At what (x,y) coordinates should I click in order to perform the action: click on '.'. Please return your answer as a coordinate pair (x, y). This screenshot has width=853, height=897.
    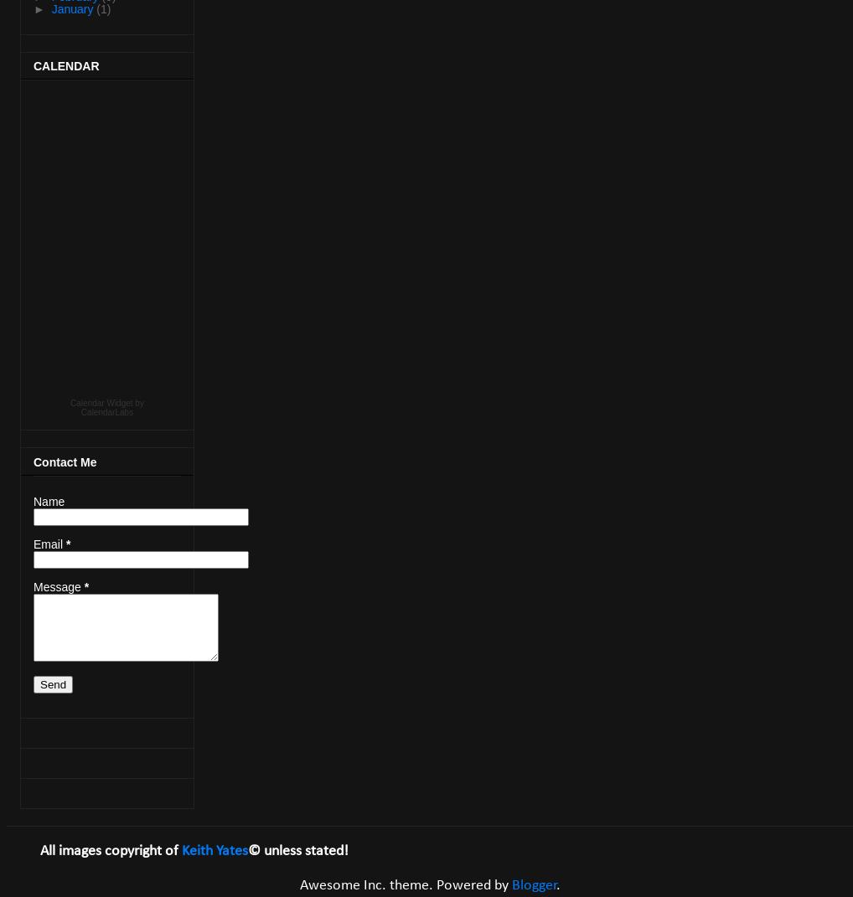
    Looking at the image, I should click on (557, 884).